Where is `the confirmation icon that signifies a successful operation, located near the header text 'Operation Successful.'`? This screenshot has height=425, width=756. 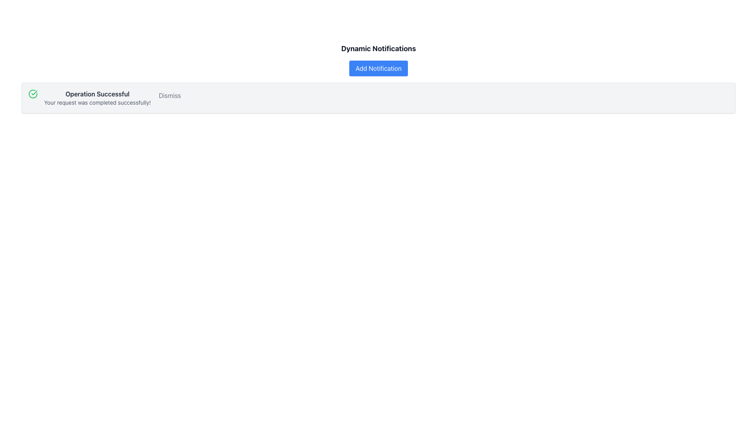
the confirmation icon that signifies a successful operation, located near the header text 'Operation Successful.' is located at coordinates (32, 94).